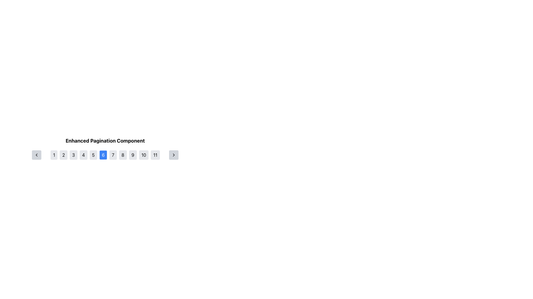 The width and height of the screenshot is (533, 299). What do you see at coordinates (105, 141) in the screenshot?
I see `the text label displaying 'Enhanced Pagination Component', which is styled with bold and large font and located above the pagination buttons` at bounding box center [105, 141].